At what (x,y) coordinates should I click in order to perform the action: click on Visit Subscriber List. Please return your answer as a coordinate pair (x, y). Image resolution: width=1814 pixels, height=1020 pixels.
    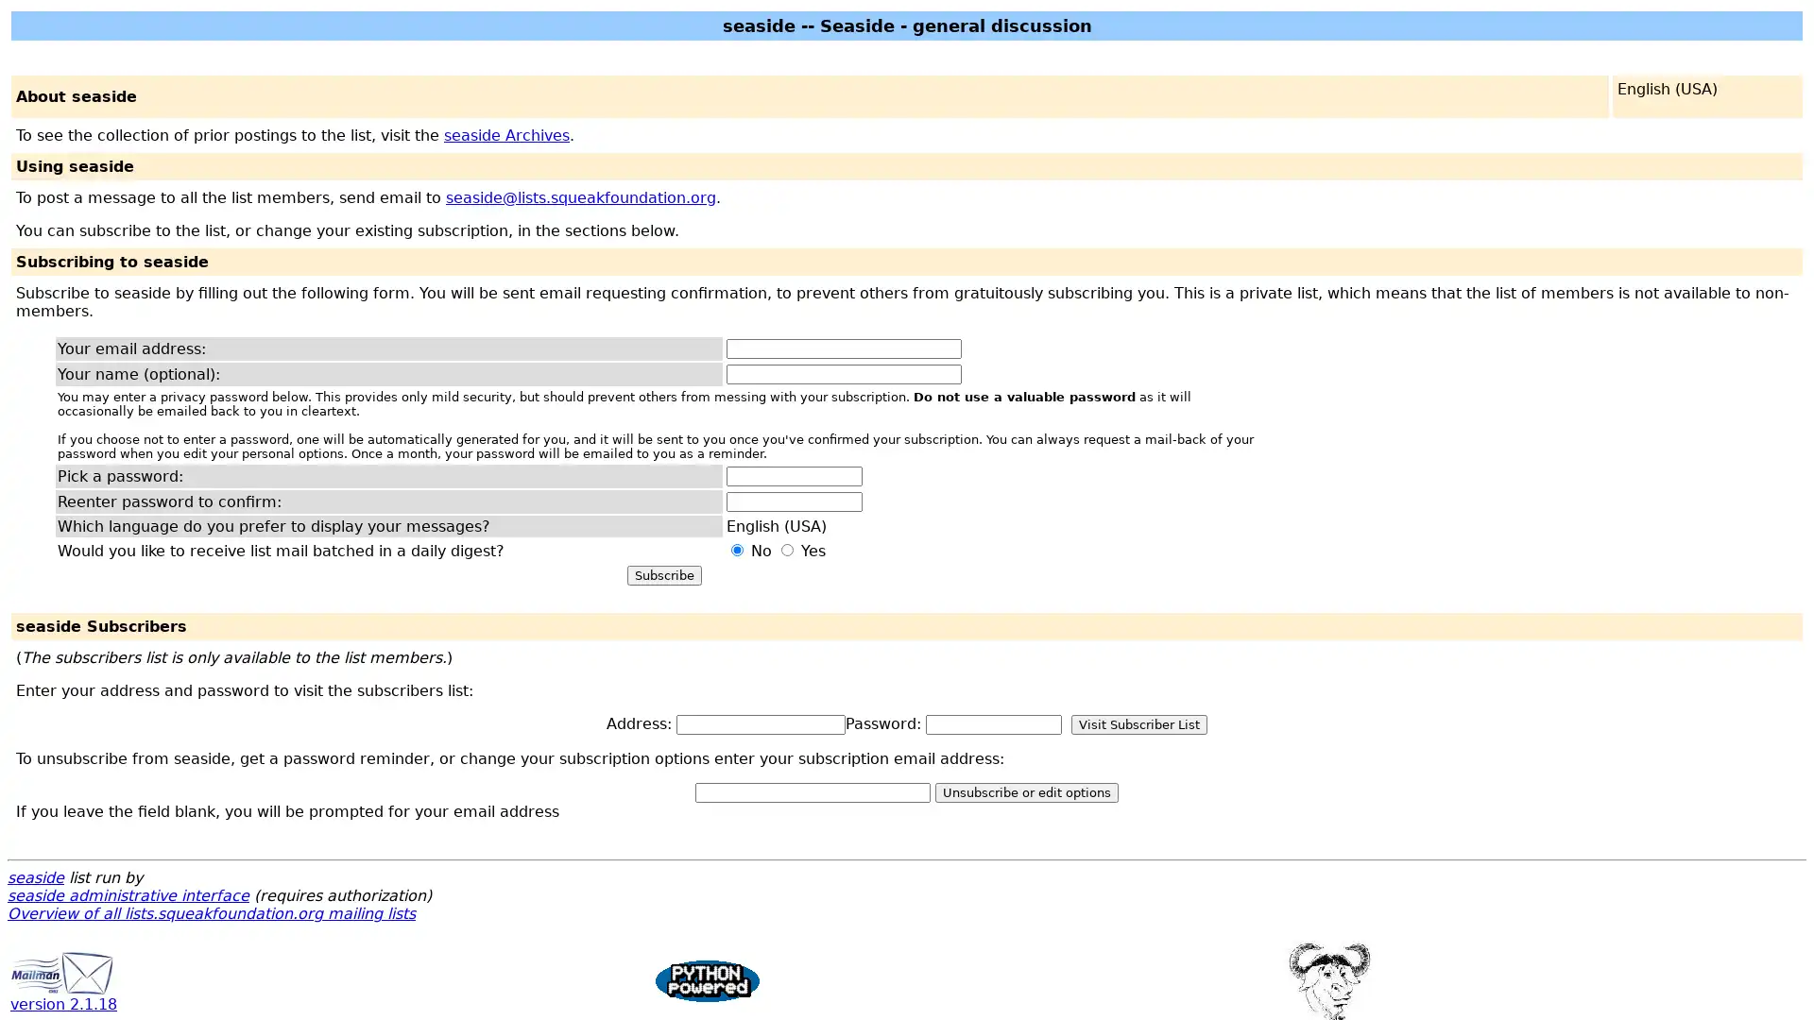
    Looking at the image, I should click on (1138, 723).